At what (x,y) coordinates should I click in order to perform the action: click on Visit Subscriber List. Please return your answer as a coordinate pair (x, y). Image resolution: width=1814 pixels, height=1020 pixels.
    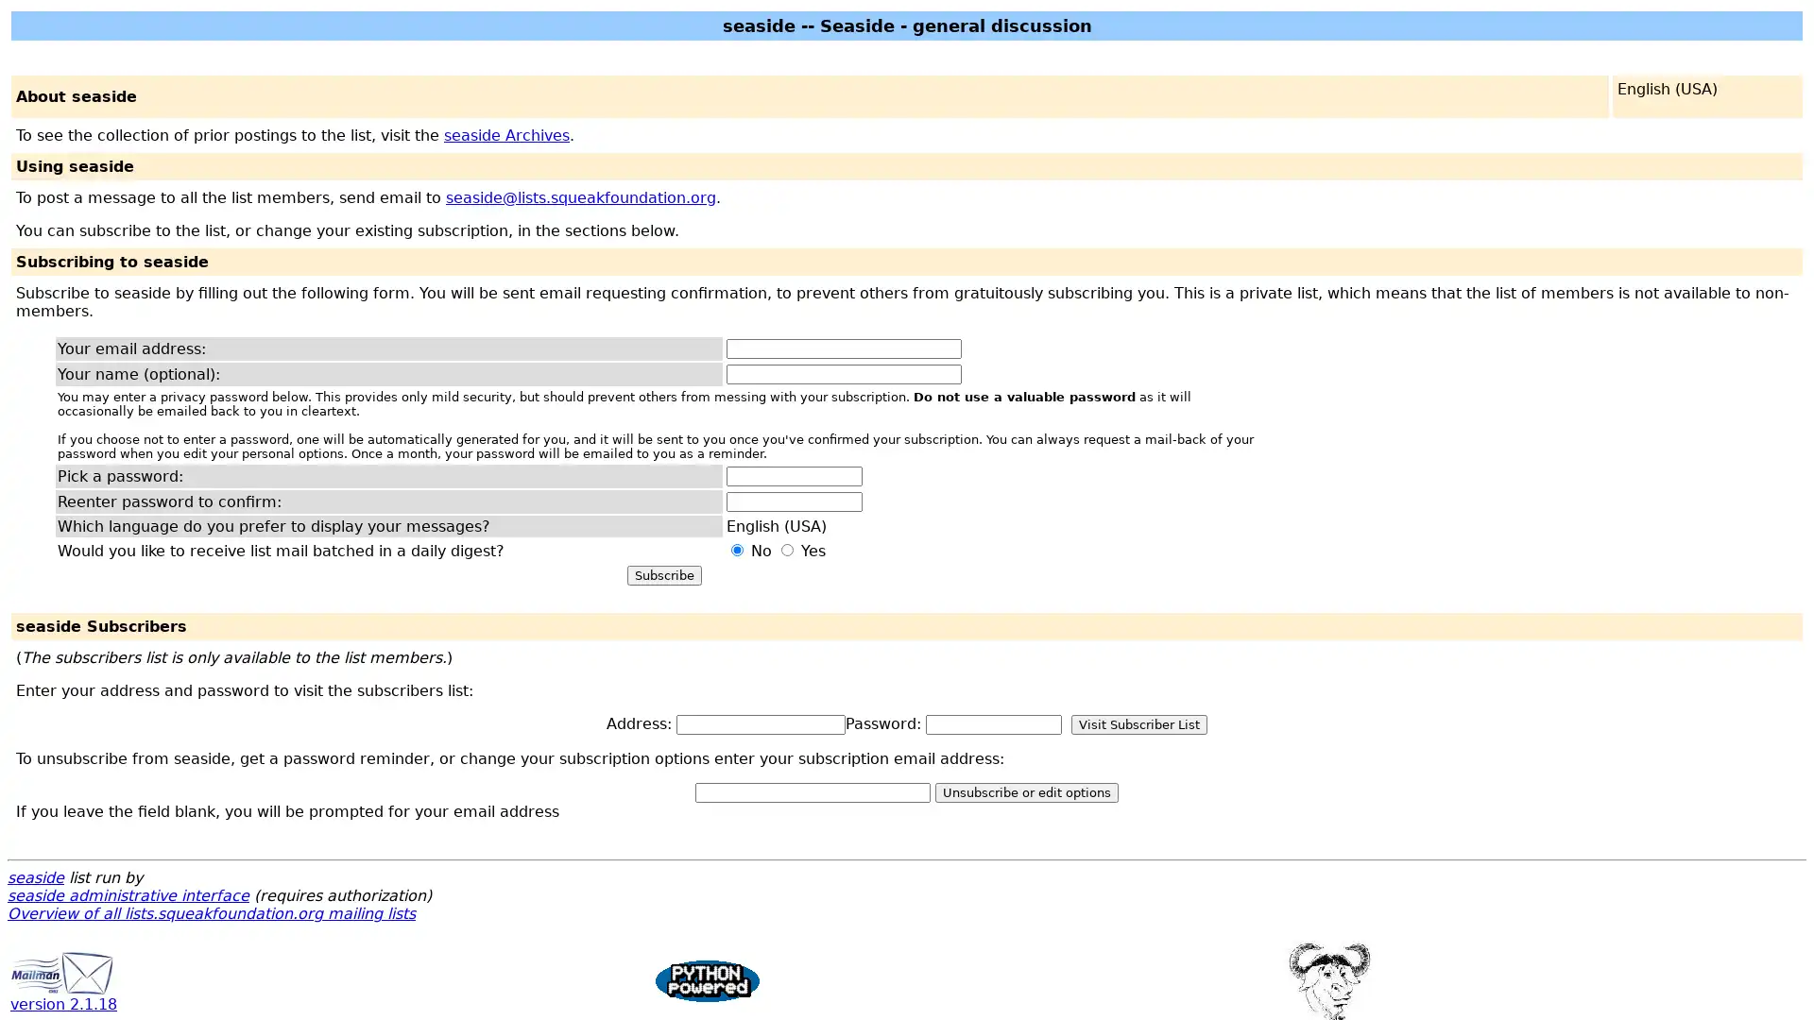
    Looking at the image, I should click on (1138, 723).